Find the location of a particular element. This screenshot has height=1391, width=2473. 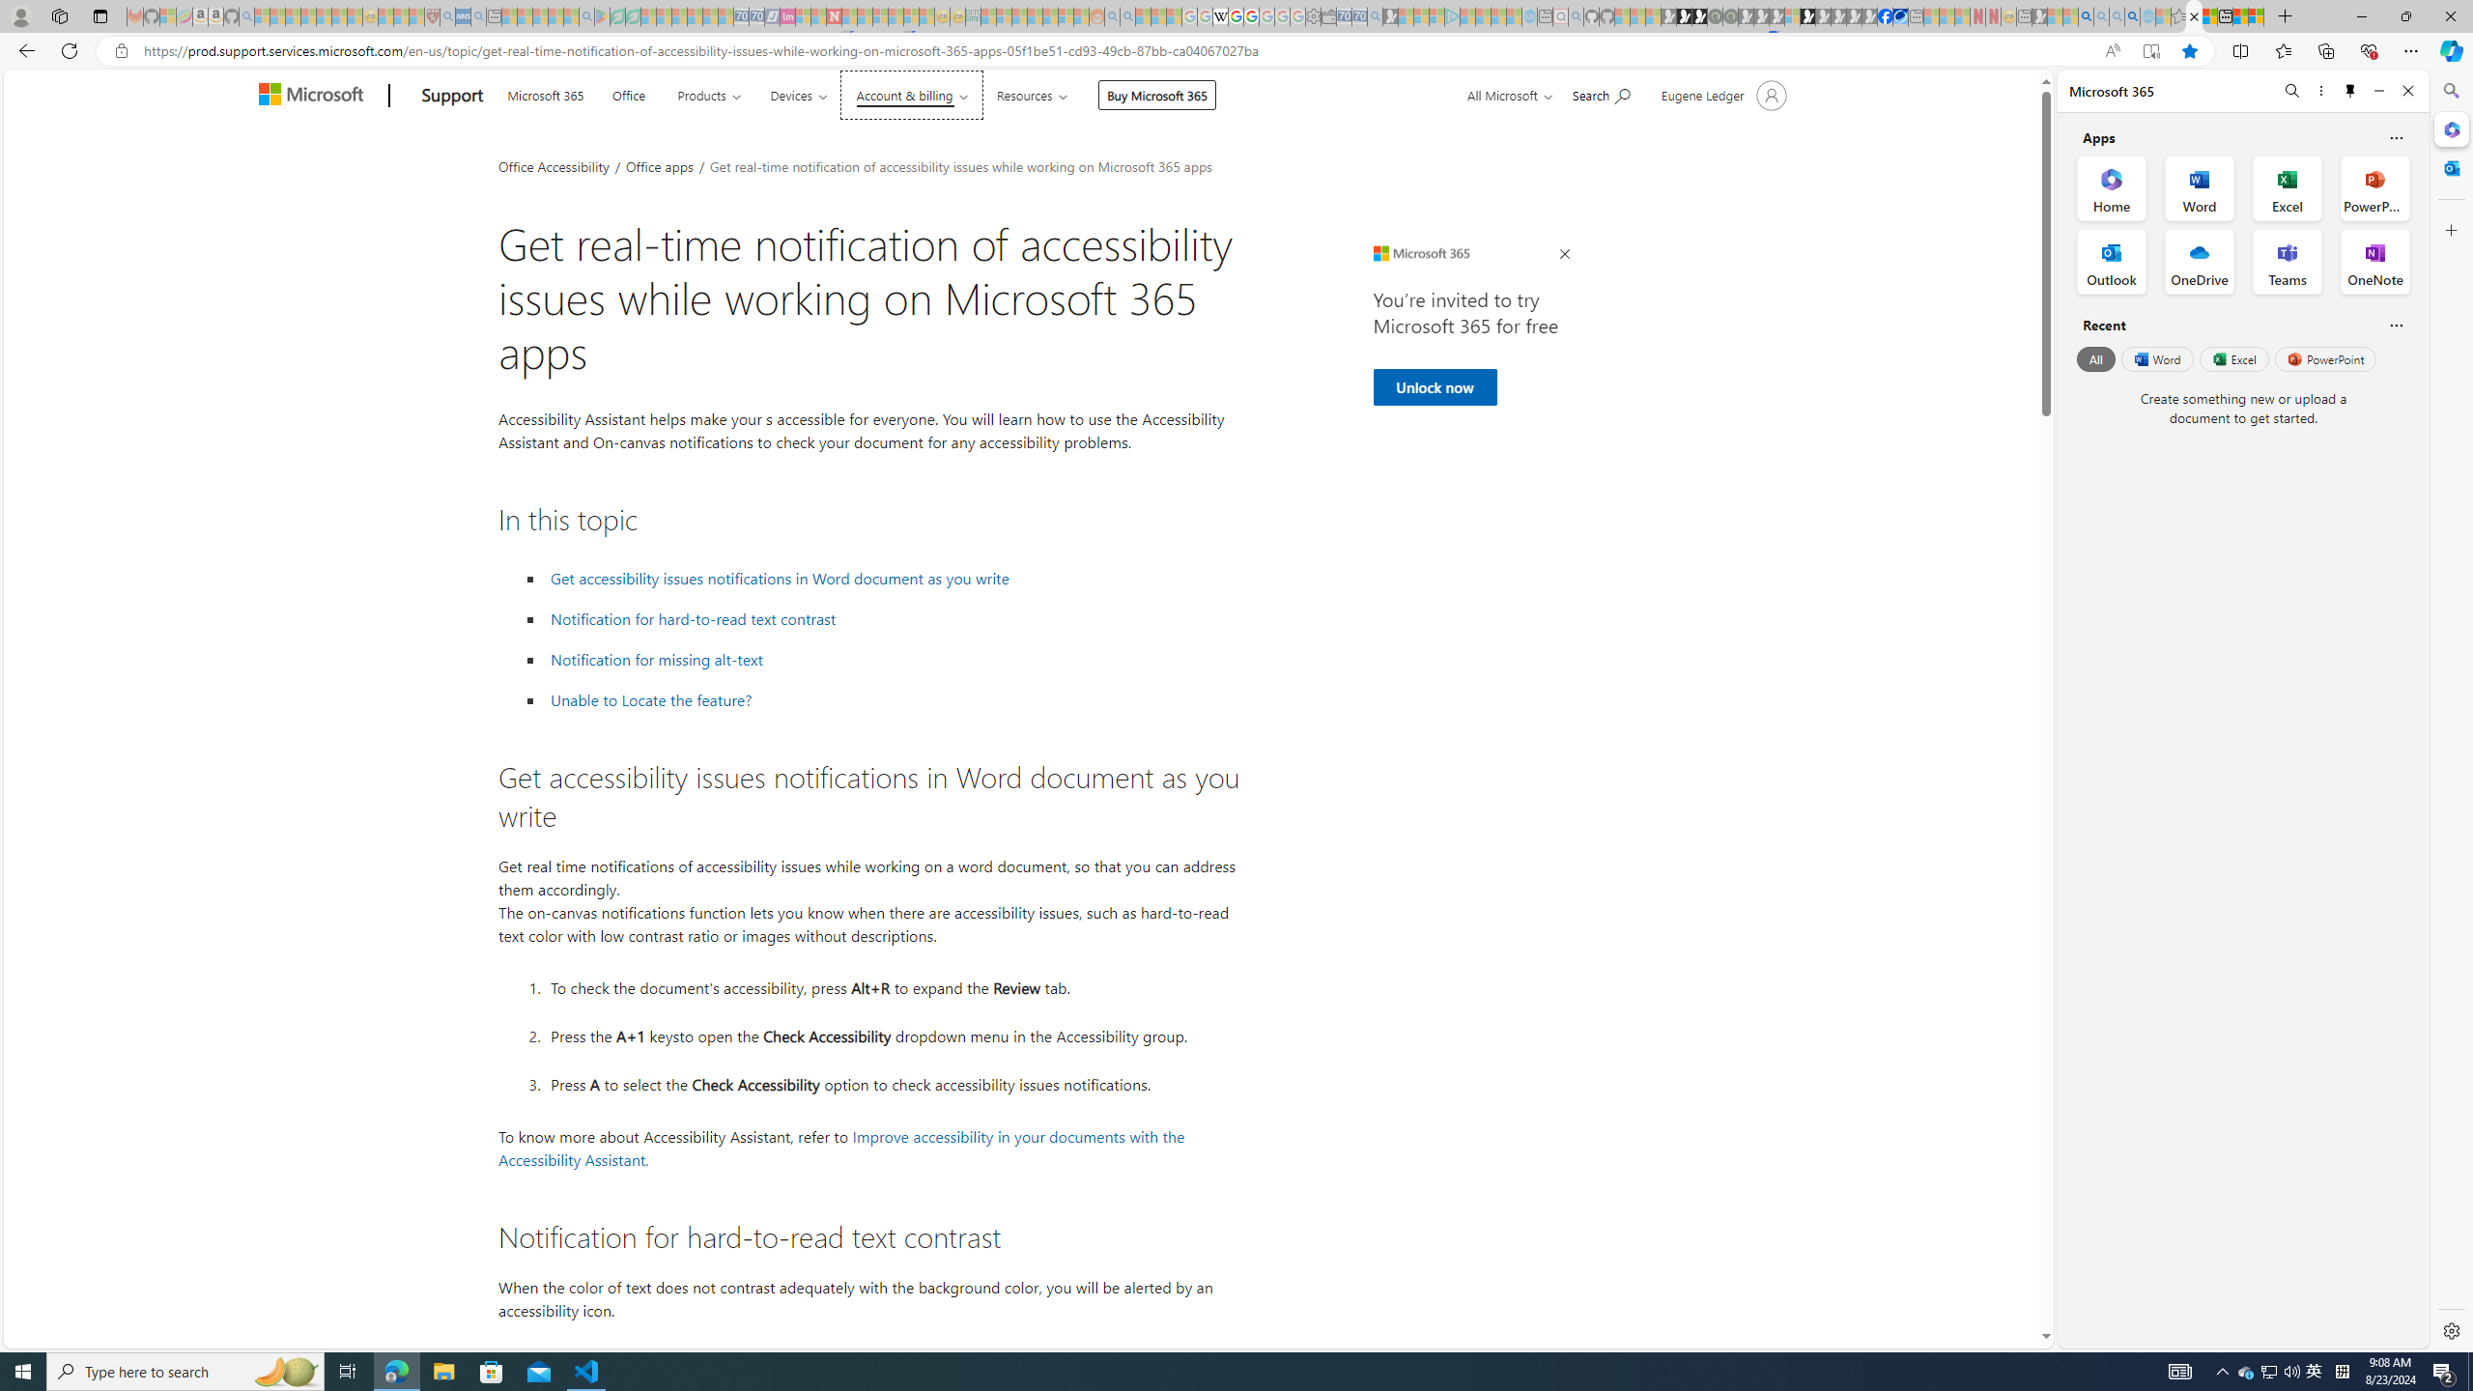

'Excel Office App' is located at coordinates (2288, 188).